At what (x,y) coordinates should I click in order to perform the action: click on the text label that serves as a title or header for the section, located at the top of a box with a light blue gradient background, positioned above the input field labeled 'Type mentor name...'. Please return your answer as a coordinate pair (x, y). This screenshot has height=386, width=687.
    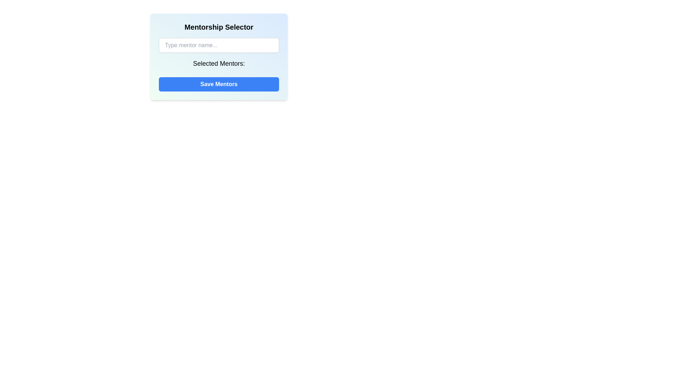
    Looking at the image, I should click on (218, 27).